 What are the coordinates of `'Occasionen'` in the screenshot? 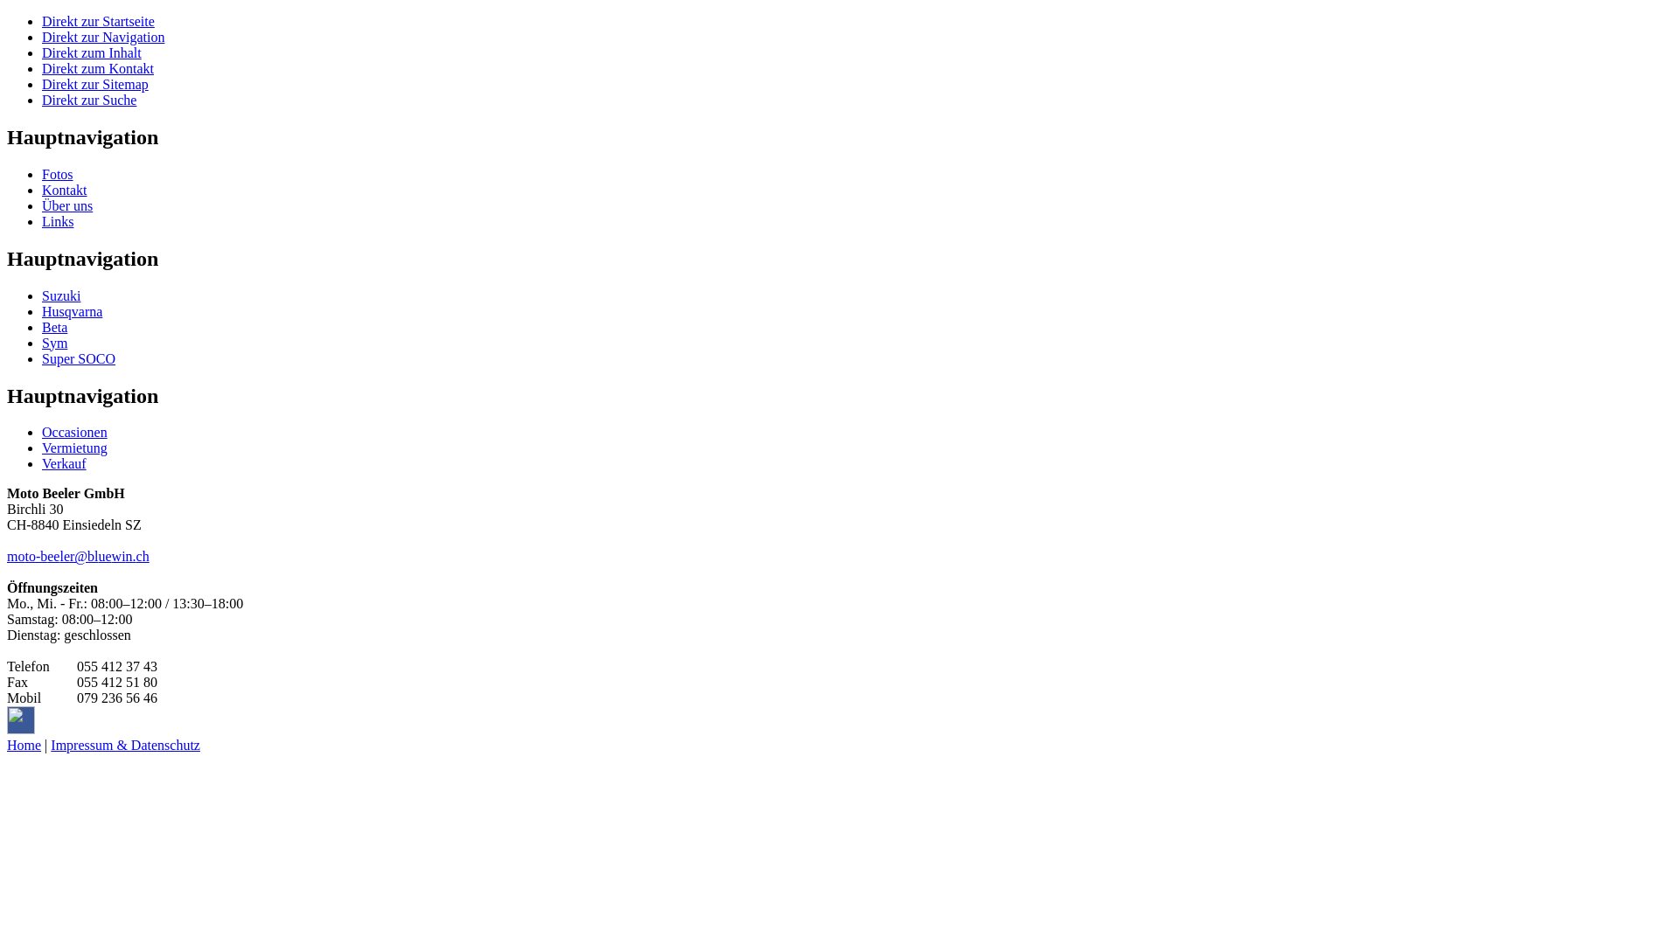 It's located at (42, 432).